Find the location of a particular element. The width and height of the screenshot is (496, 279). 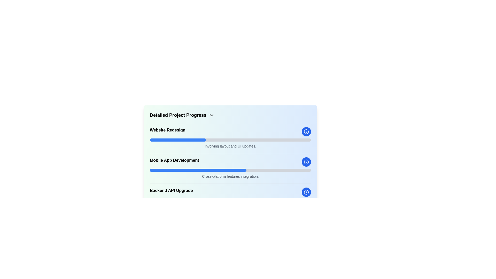

progress bar value is located at coordinates (203, 170).